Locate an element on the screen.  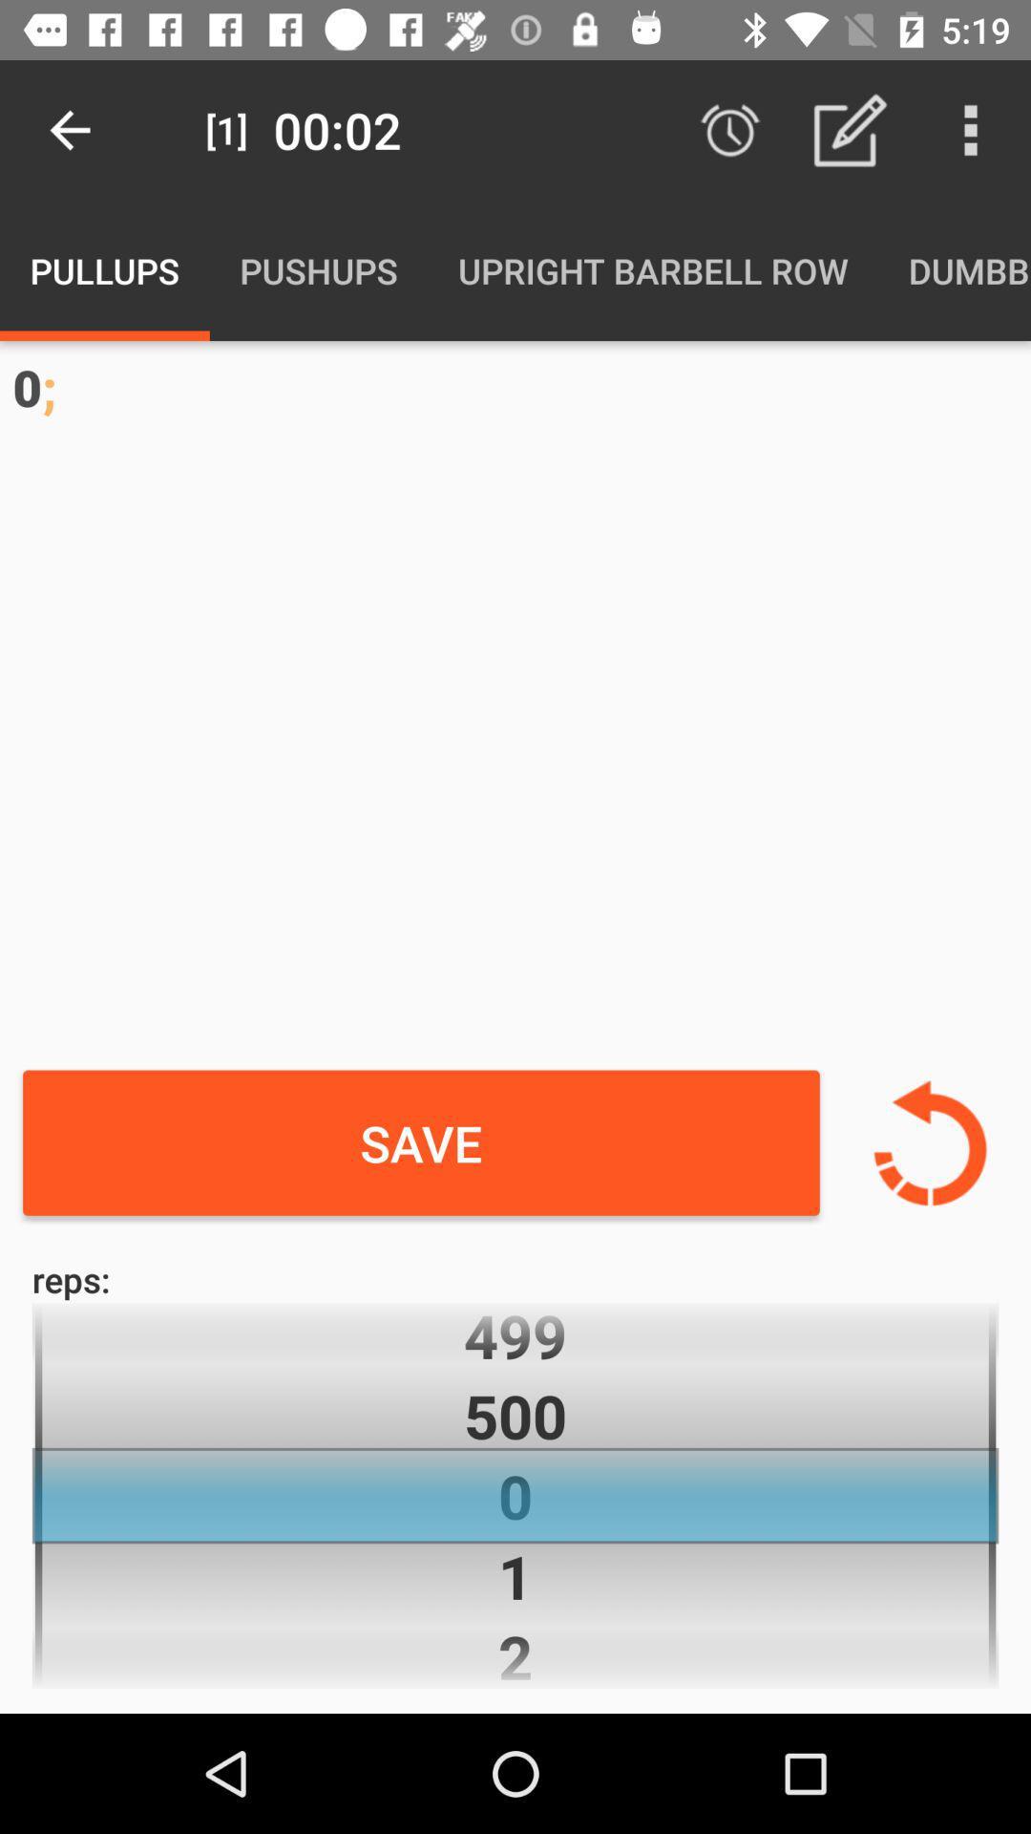
refresh reps is located at coordinates (929, 1142).